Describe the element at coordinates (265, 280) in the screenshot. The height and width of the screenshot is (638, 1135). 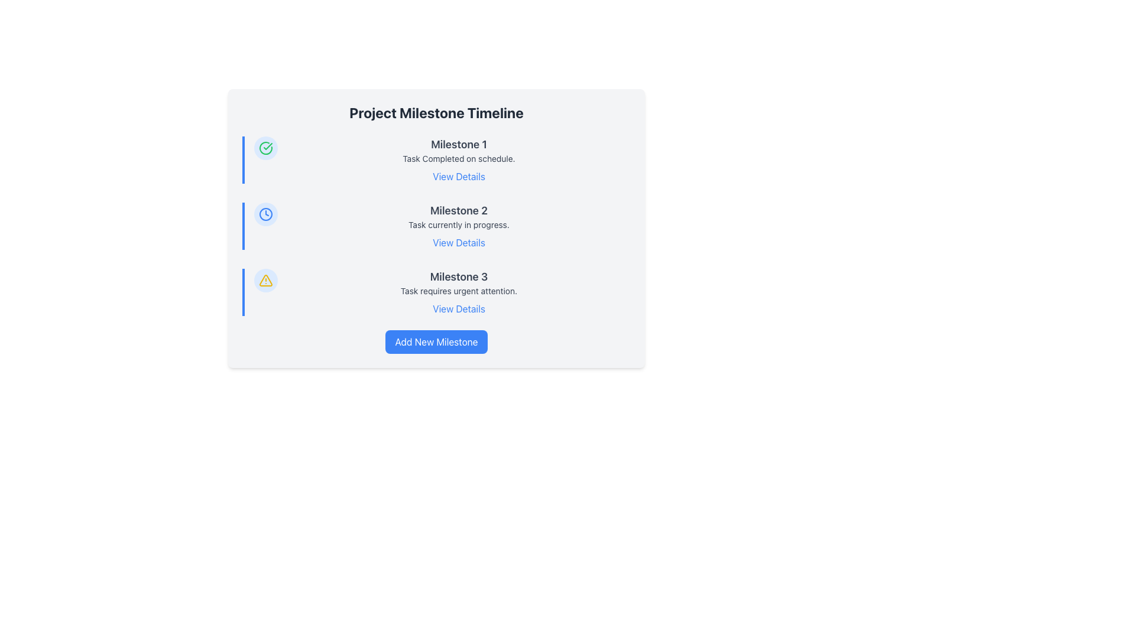
I see `the milestone status icon that indicates urgent attention is required for 'Milestone 3', located in the vertical sequence of icons on the left side of the 'Project Milestone Timeline'` at that location.